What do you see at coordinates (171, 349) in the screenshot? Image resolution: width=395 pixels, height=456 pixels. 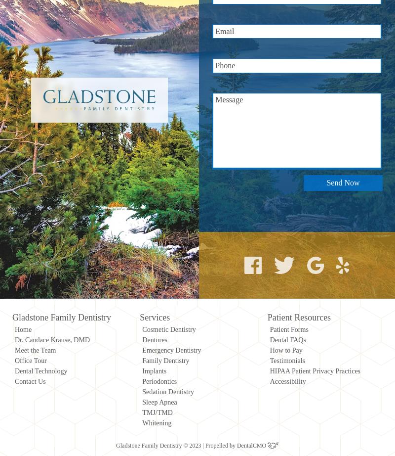 I see `'Emergency Dentistry'` at bounding box center [171, 349].